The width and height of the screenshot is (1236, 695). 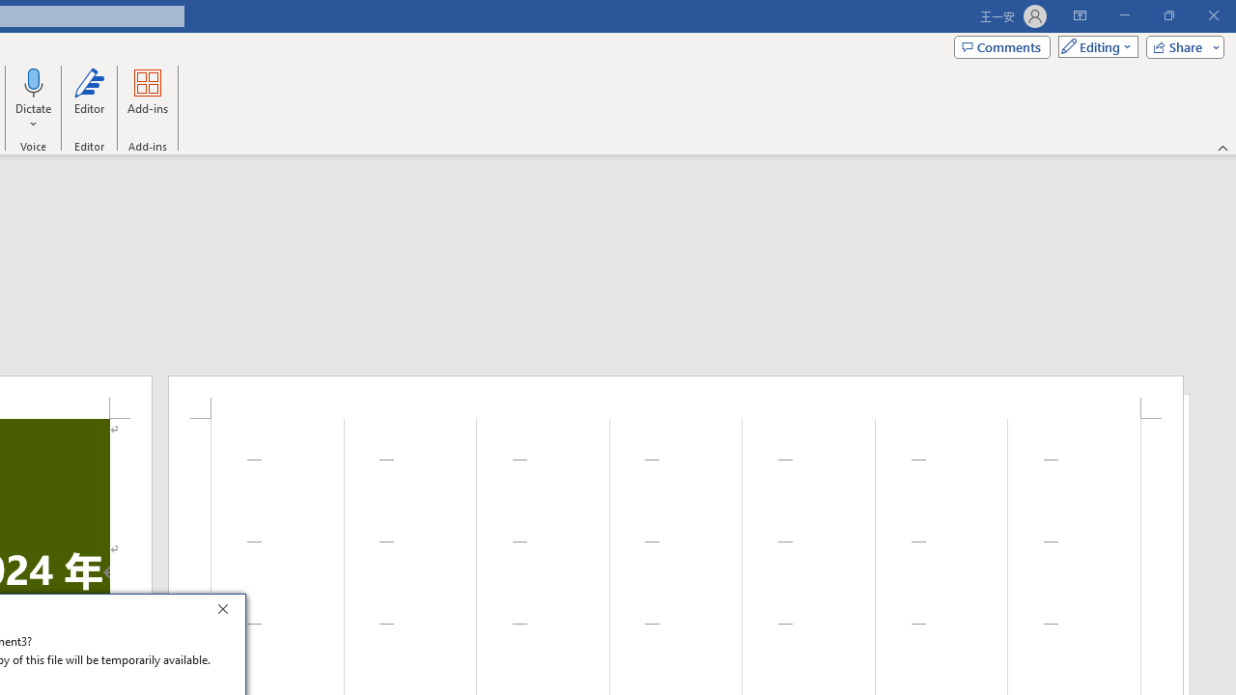 I want to click on 'Dictate', so click(x=34, y=81).